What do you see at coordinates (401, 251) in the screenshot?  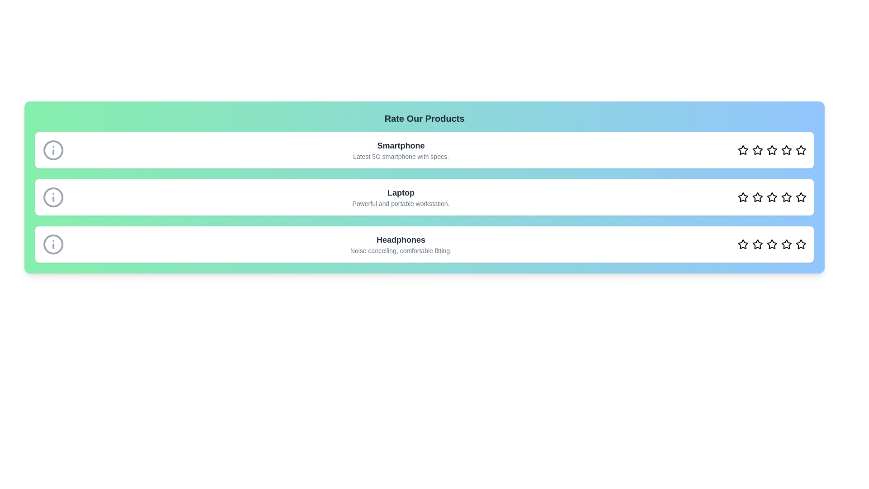 I see `the text label displaying 'Noise cancelling, comfortable fitting.' located beneath the 'Headphones' title in the 'Headphones' section` at bounding box center [401, 251].